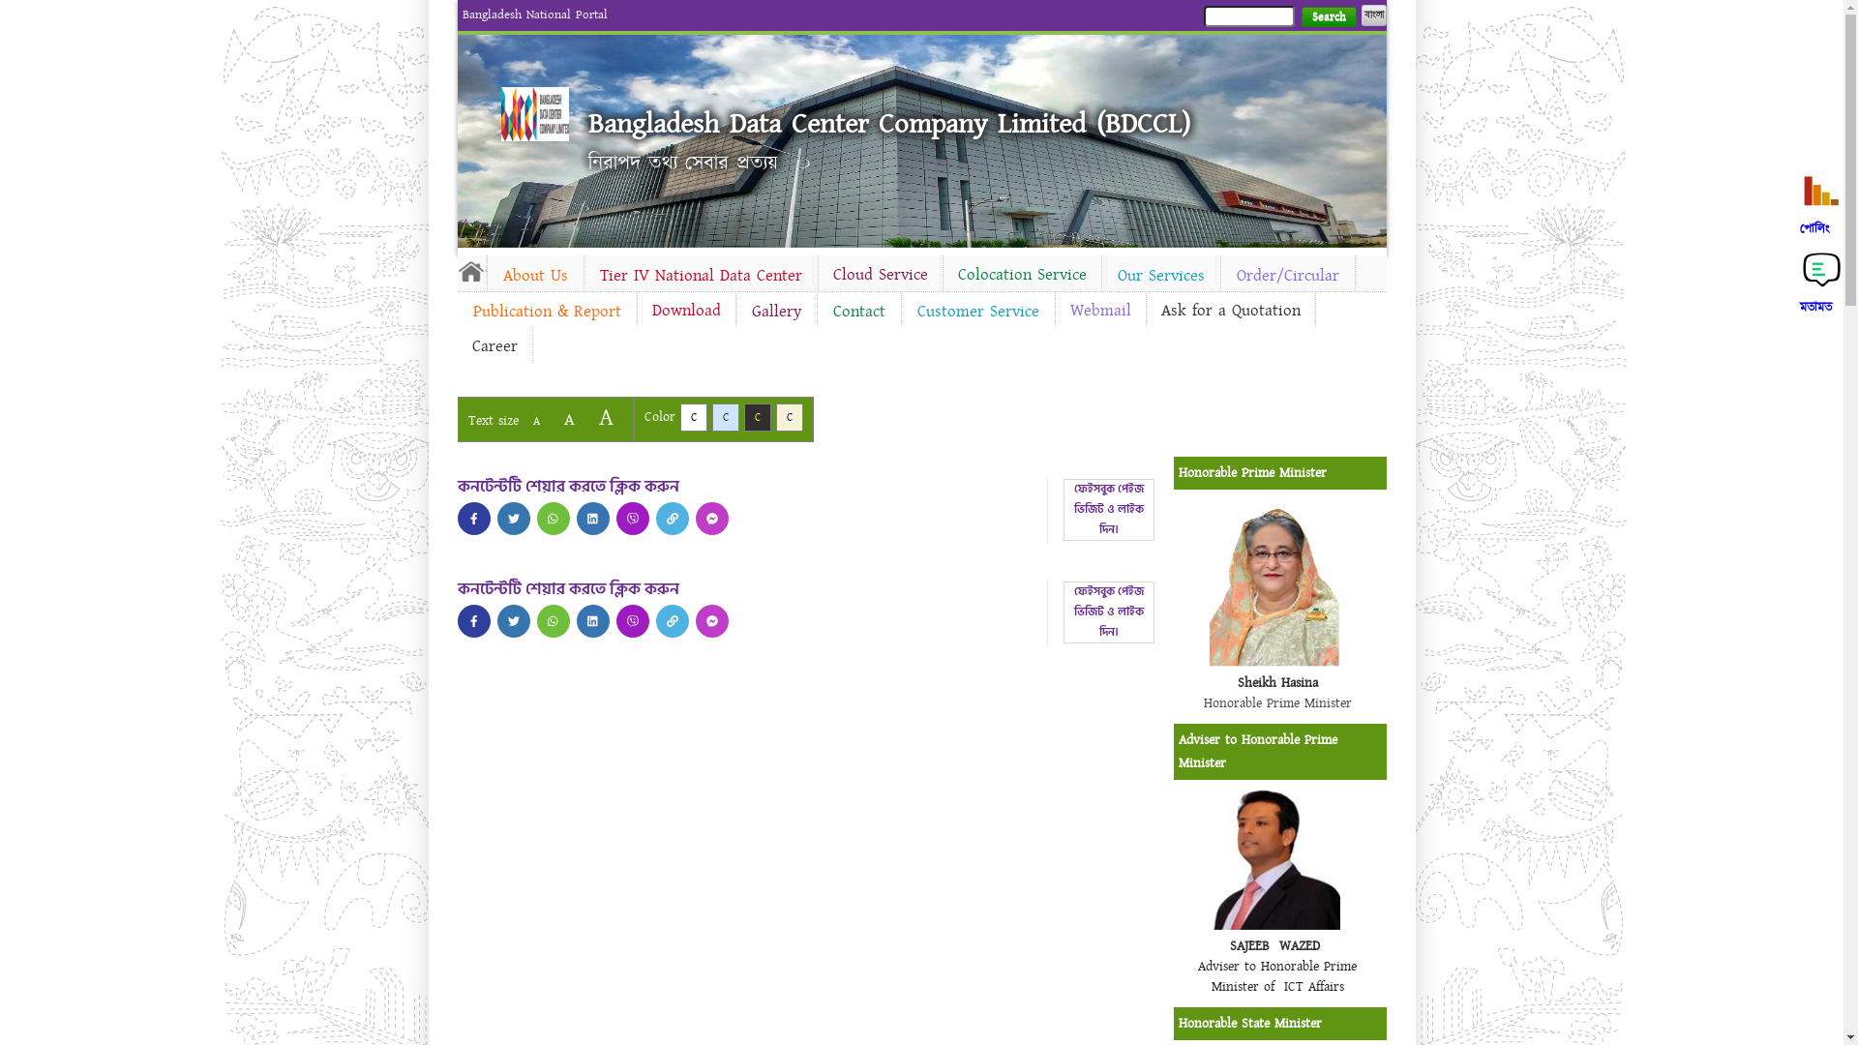 This screenshot has height=1045, width=1858. What do you see at coordinates (1160, 276) in the screenshot?
I see `'Our Services'` at bounding box center [1160, 276].